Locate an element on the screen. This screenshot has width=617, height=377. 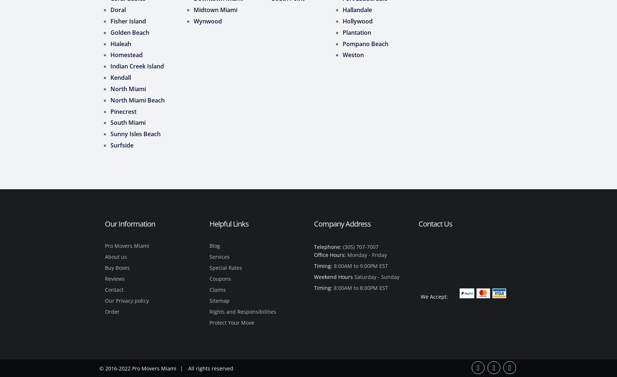
'Fisher Island' is located at coordinates (128, 20).